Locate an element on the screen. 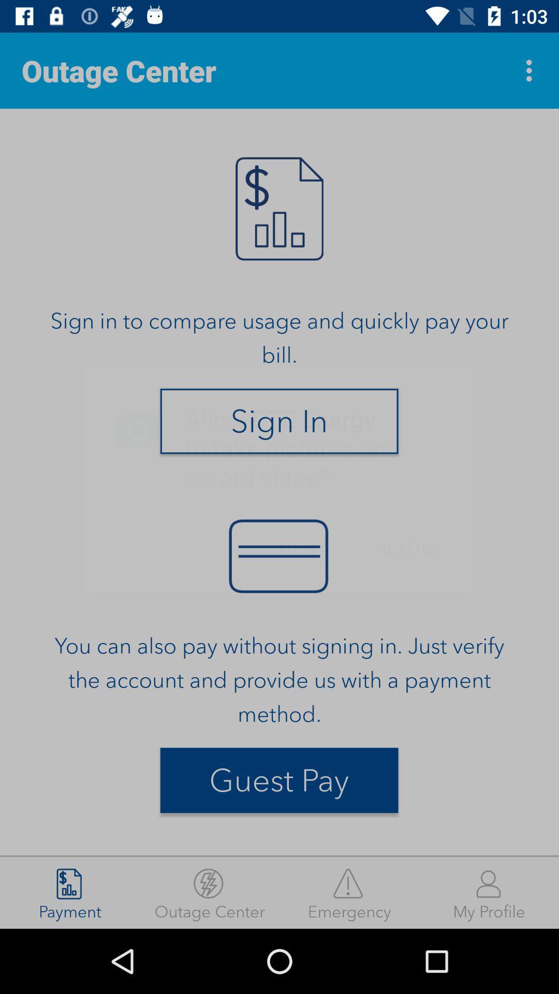 Image resolution: width=559 pixels, height=994 pixels. the guest pay item is located at coordinates (278, 780).